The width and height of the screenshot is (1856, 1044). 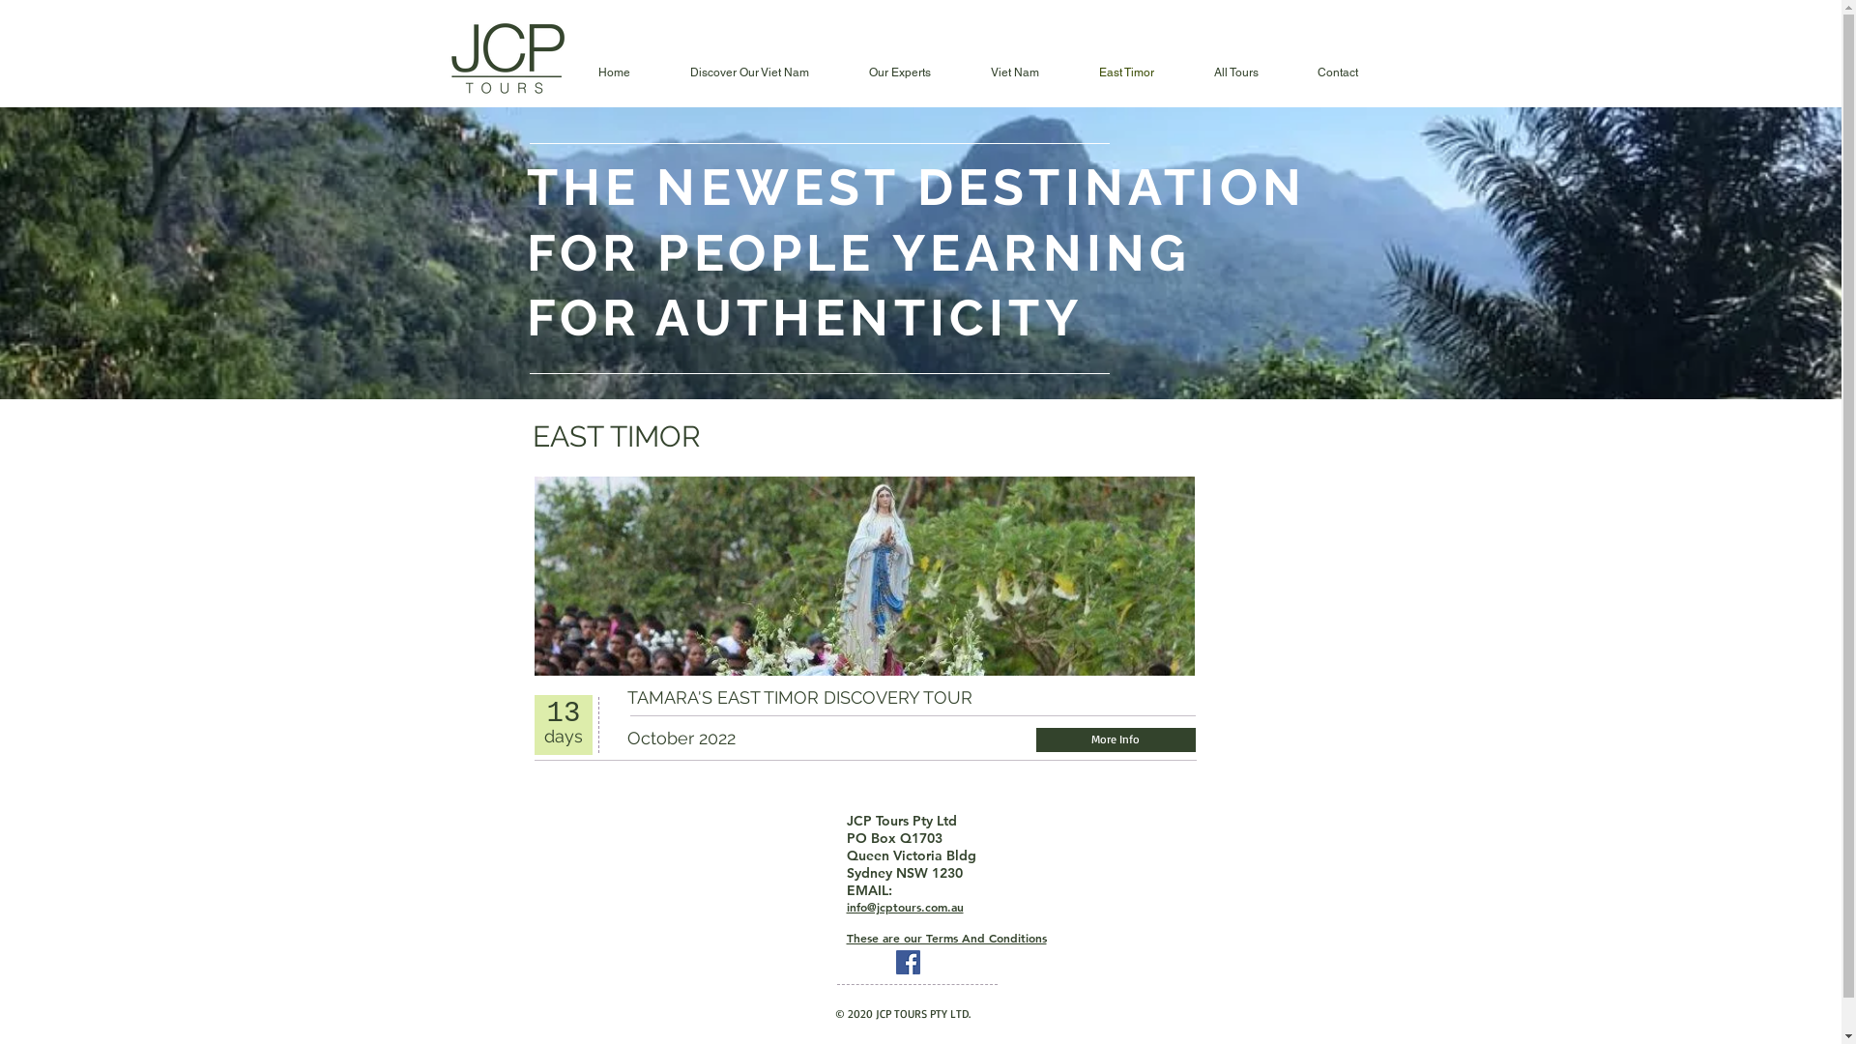 I want to click on 'Discover Our Viet Nam', so click(x=747, y=72).